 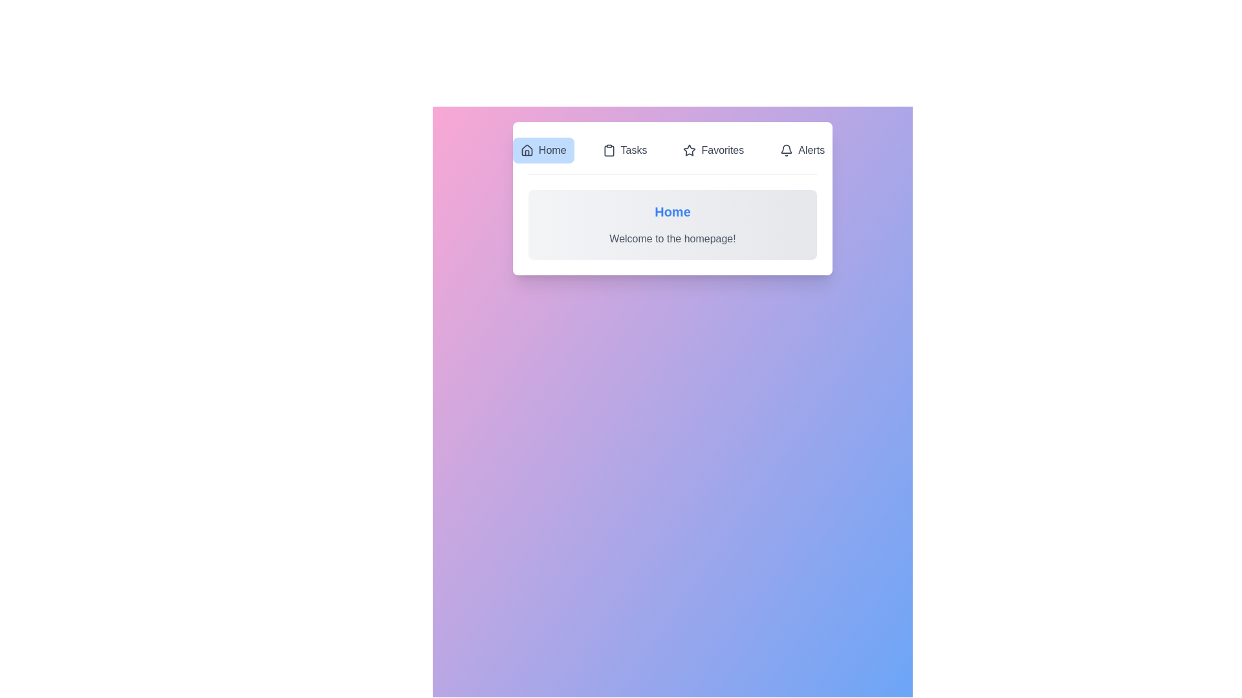 I want to click on the tab labeled Alerts to view its content, so click(x=801, y=149).